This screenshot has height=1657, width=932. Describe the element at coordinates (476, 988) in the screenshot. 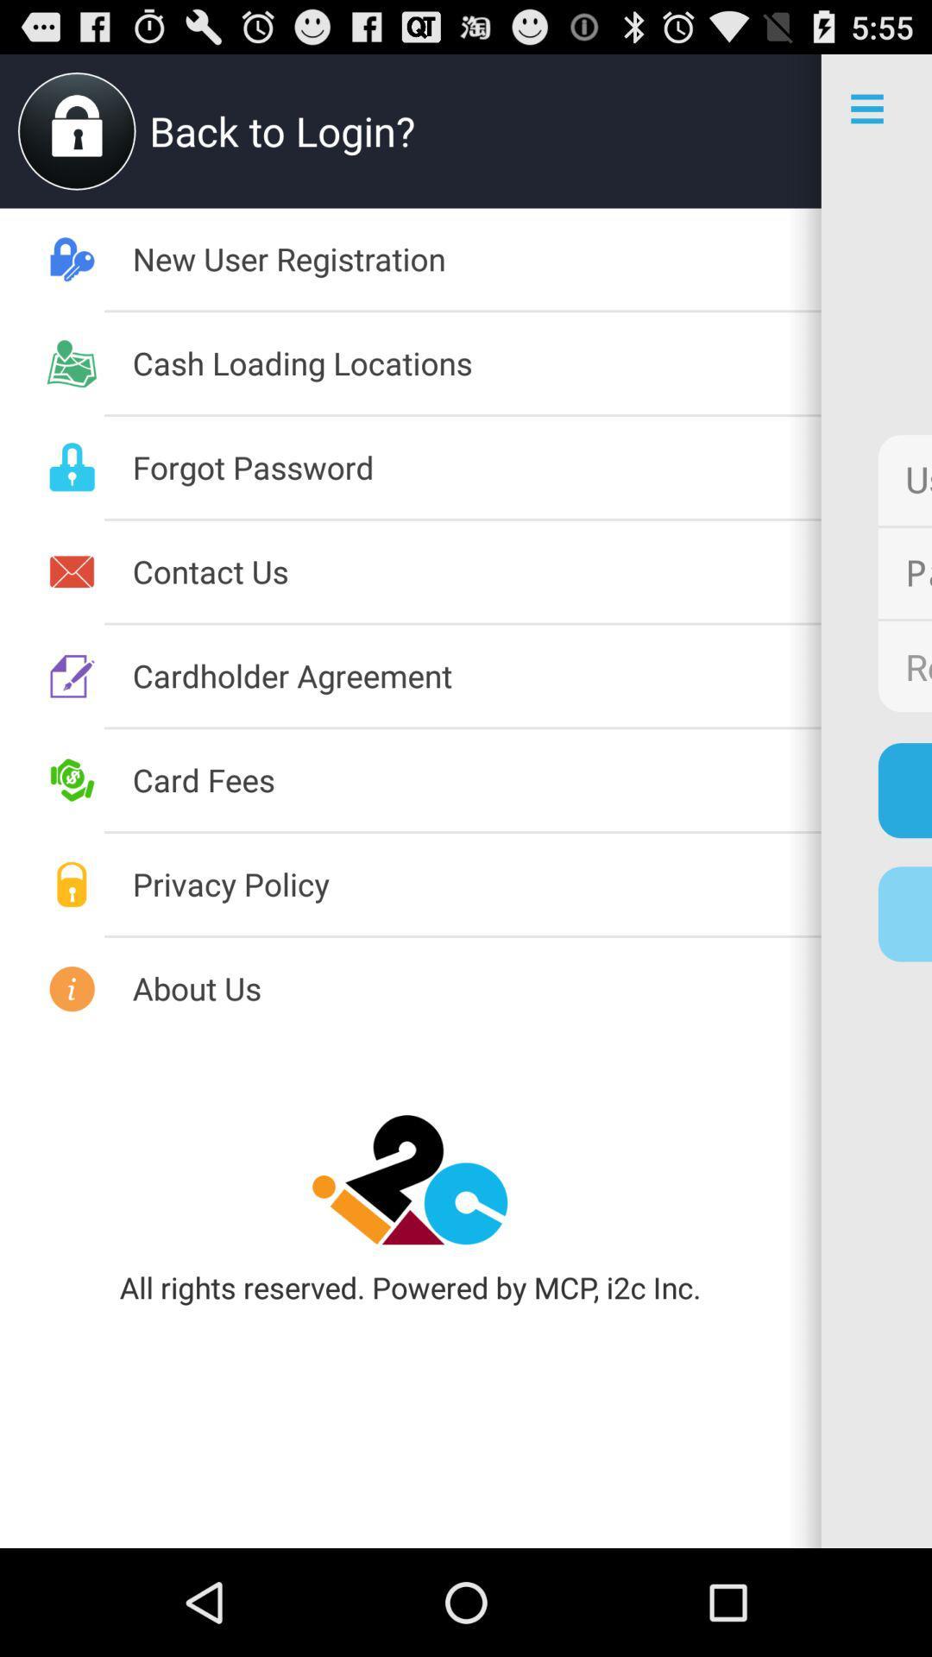

I see `the item to the left of new user registration` at that location.